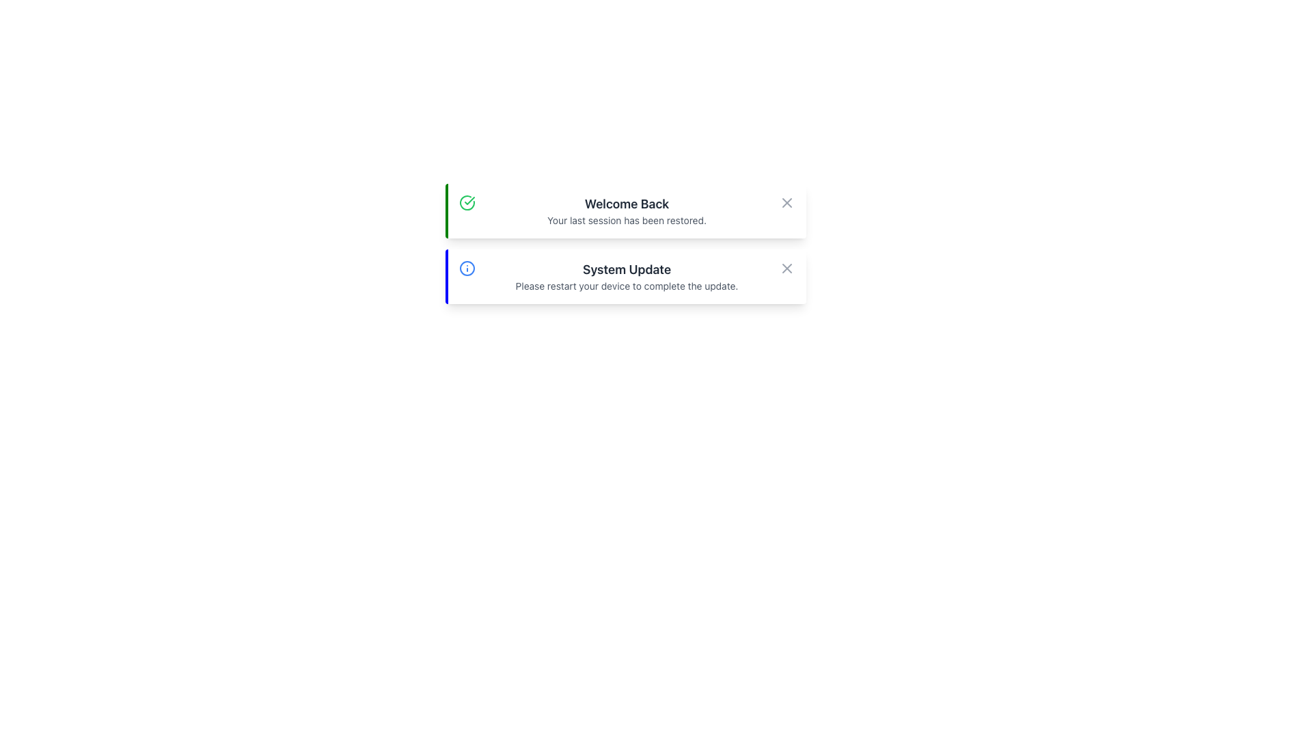 Image resolution: width=1312 pixels, height=738 pixels. I want to click on the close button represented by an 'X' icon in the top-right corner of the notification box to change its appearance, so click(787, 203).